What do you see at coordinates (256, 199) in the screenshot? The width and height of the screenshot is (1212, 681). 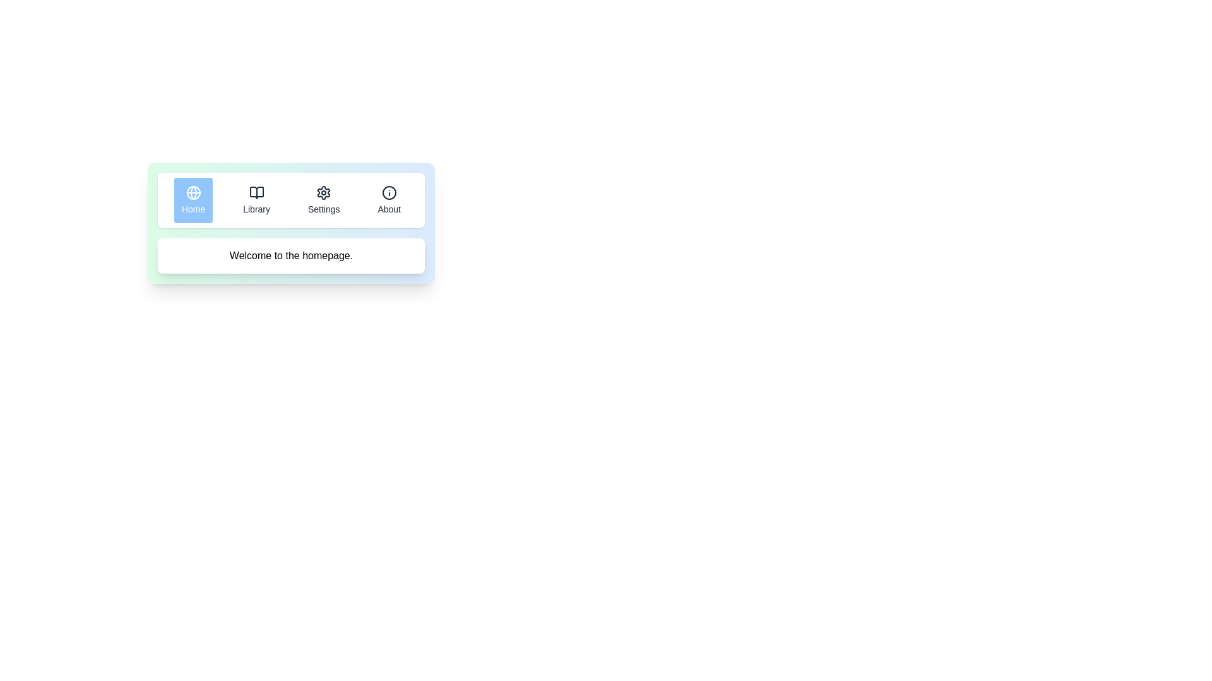 I see `the tab labeled Library` at bounding box center [256, 199].